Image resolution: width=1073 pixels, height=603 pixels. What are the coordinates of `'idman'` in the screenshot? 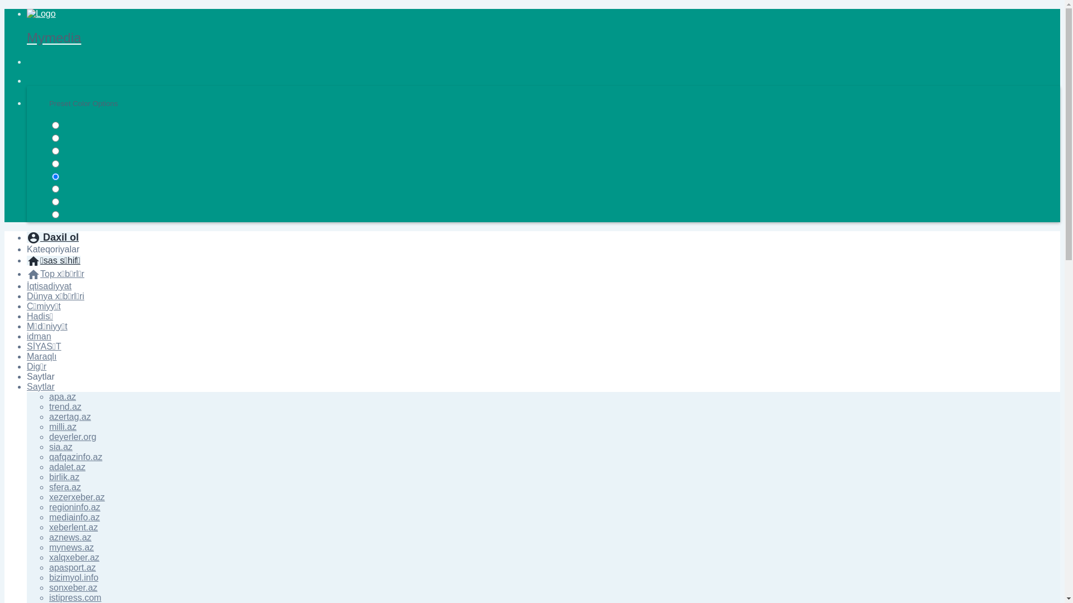 It's located at (39, 336).